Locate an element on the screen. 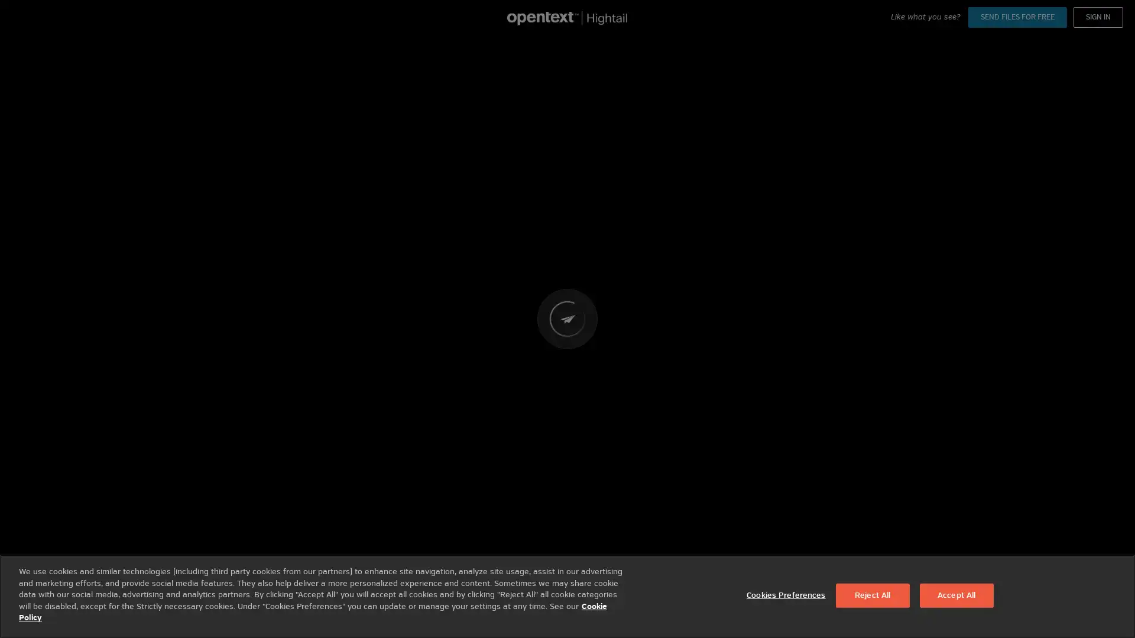 The width and height of the screenshot is (1135, 638). Reject All is located at coordinates (872, 595).